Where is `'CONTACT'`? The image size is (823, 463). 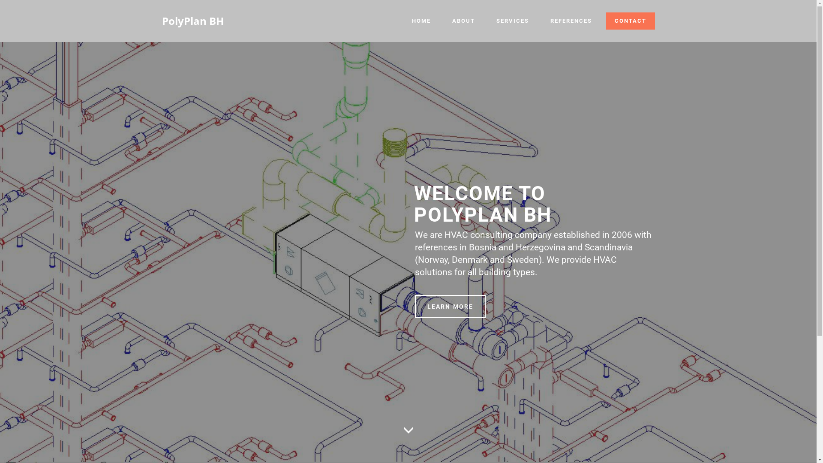
'CONTACT' is located at coordinates (630, 21).